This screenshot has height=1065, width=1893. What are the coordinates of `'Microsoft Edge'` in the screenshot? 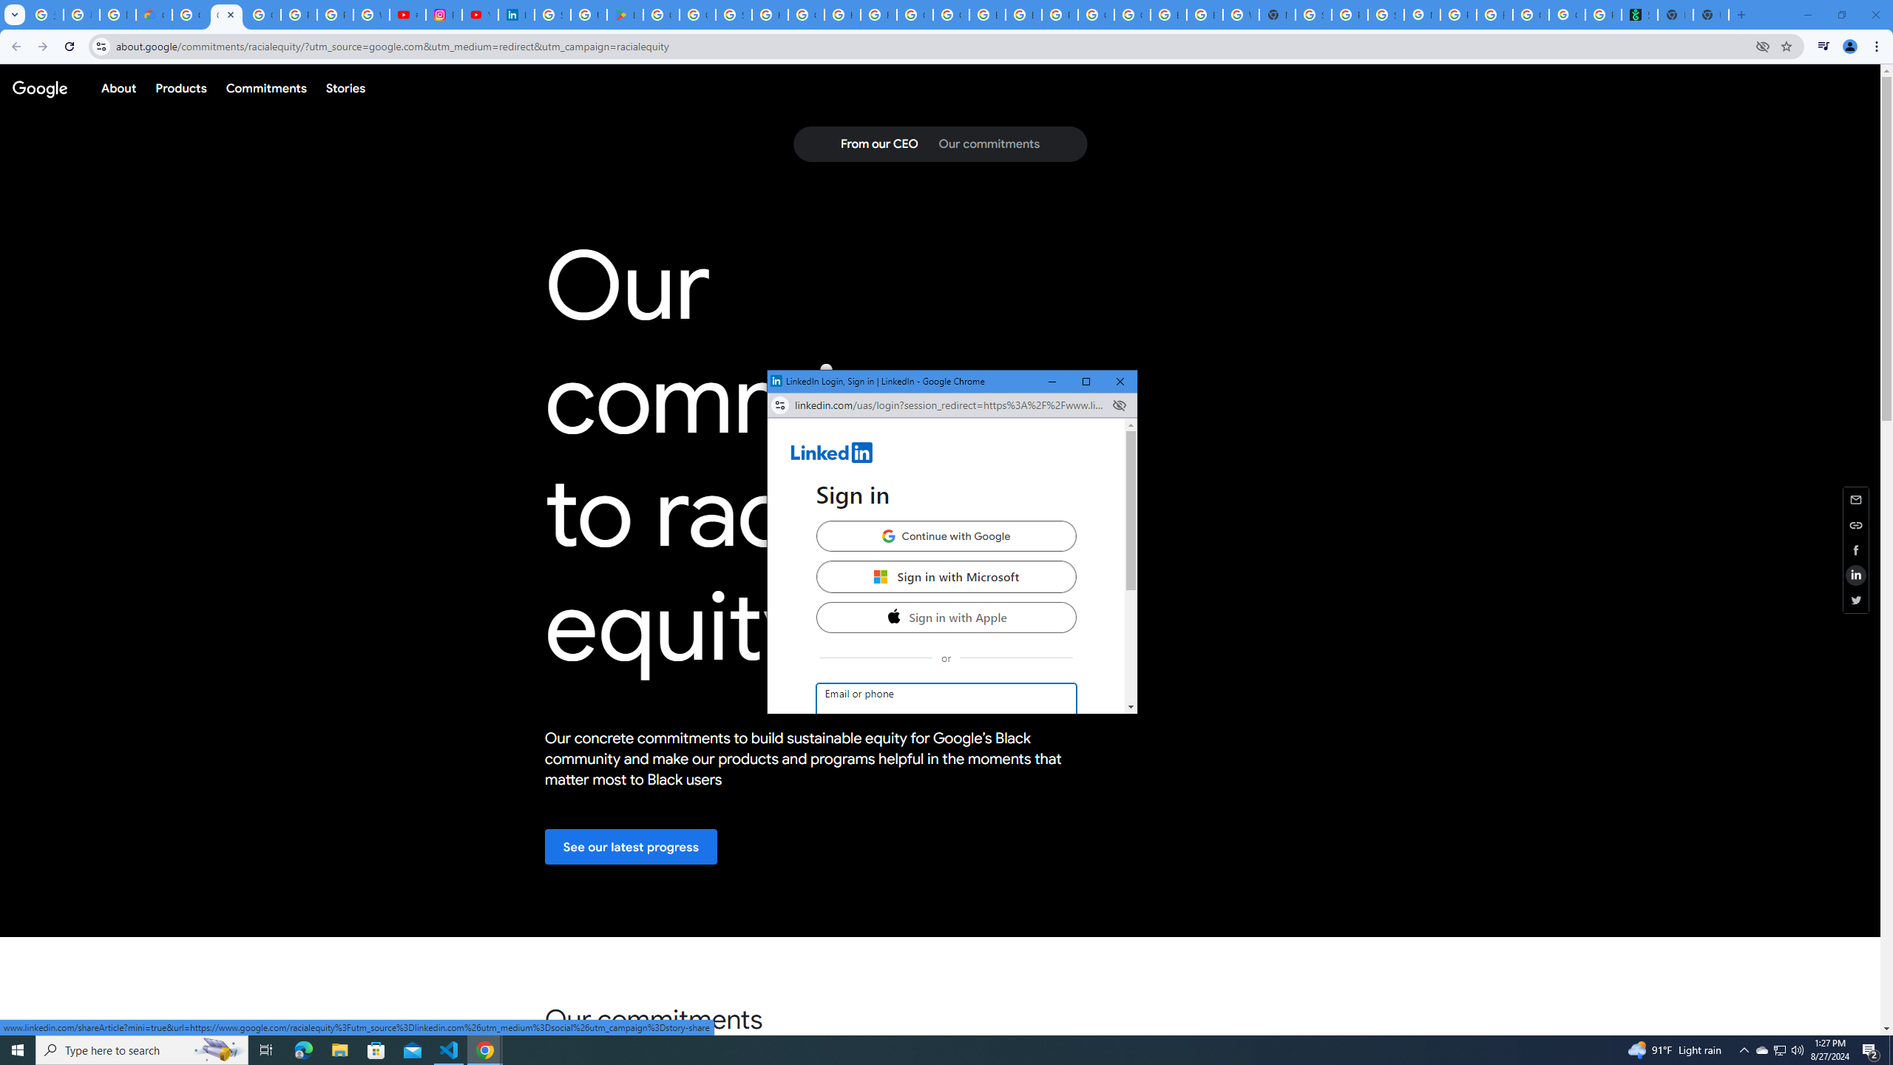 It's located at (302, 1049).